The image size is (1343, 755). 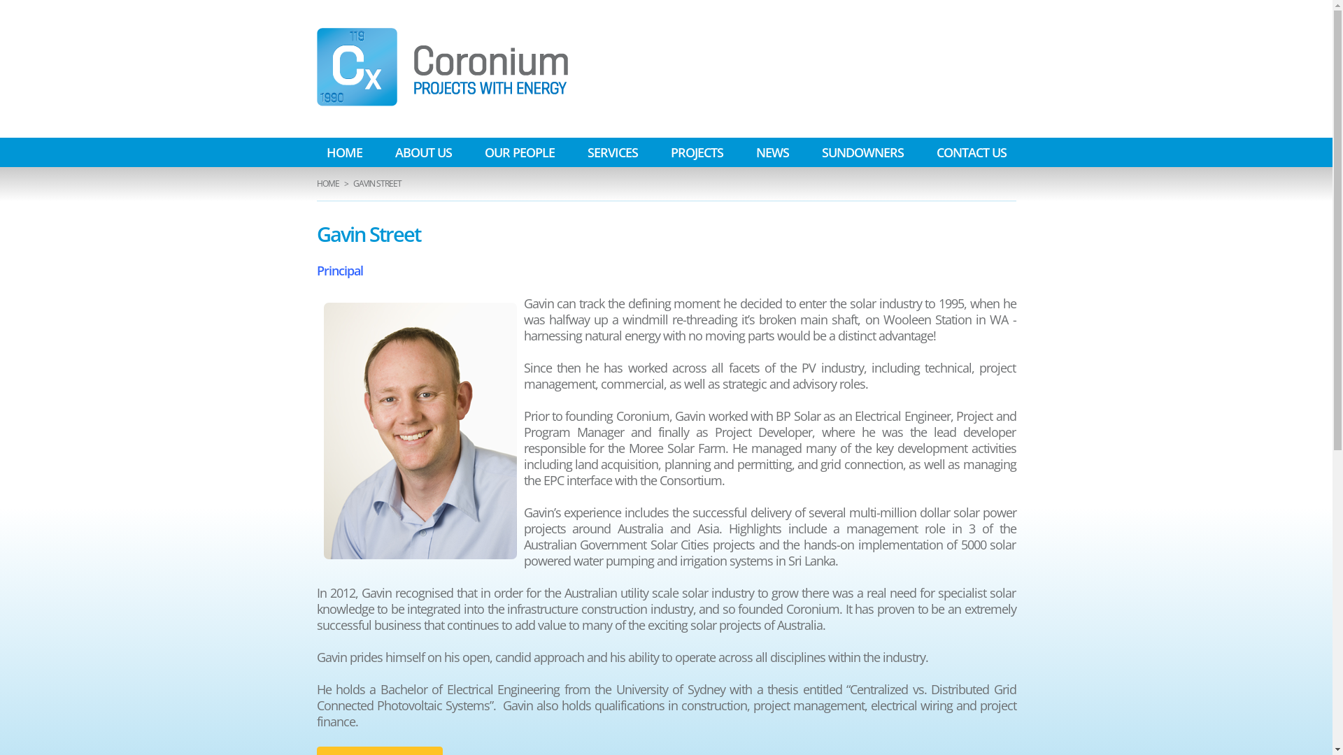 I want to click on 'SERVICES', so click(x=613, y=152).